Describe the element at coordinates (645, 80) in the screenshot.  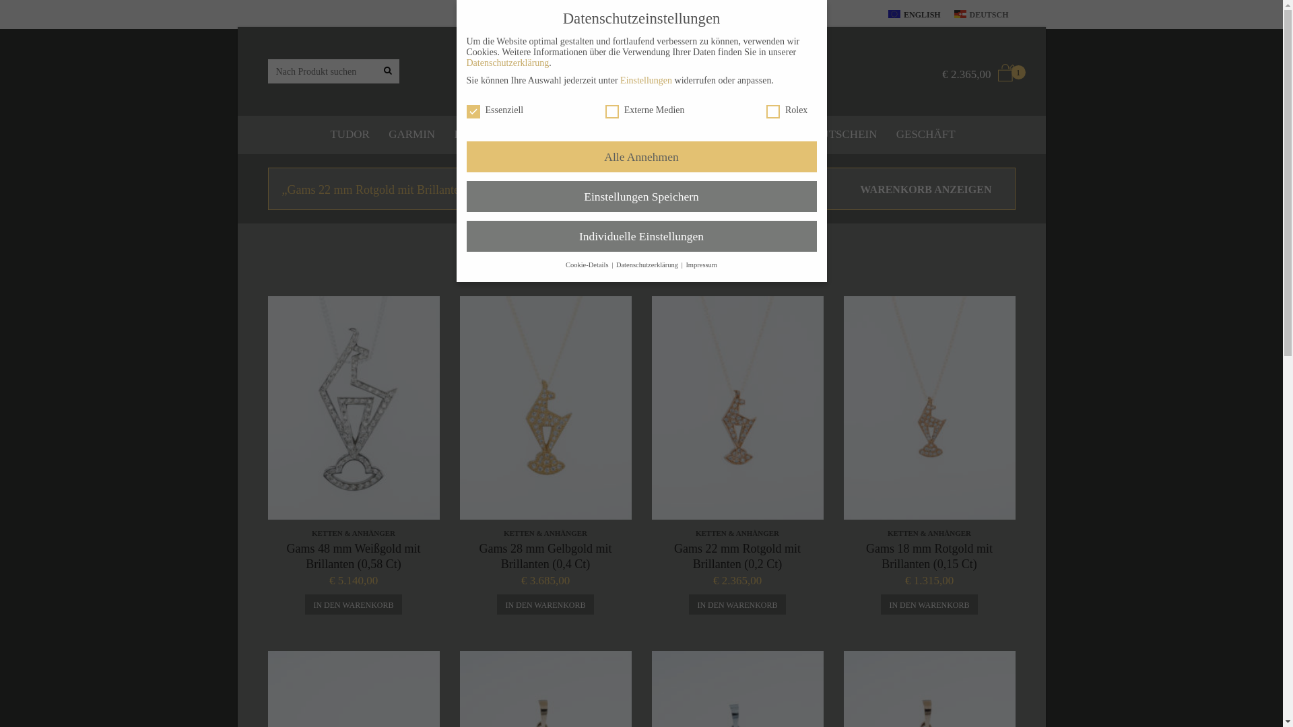
I see `'Einstellungen'` at that location.